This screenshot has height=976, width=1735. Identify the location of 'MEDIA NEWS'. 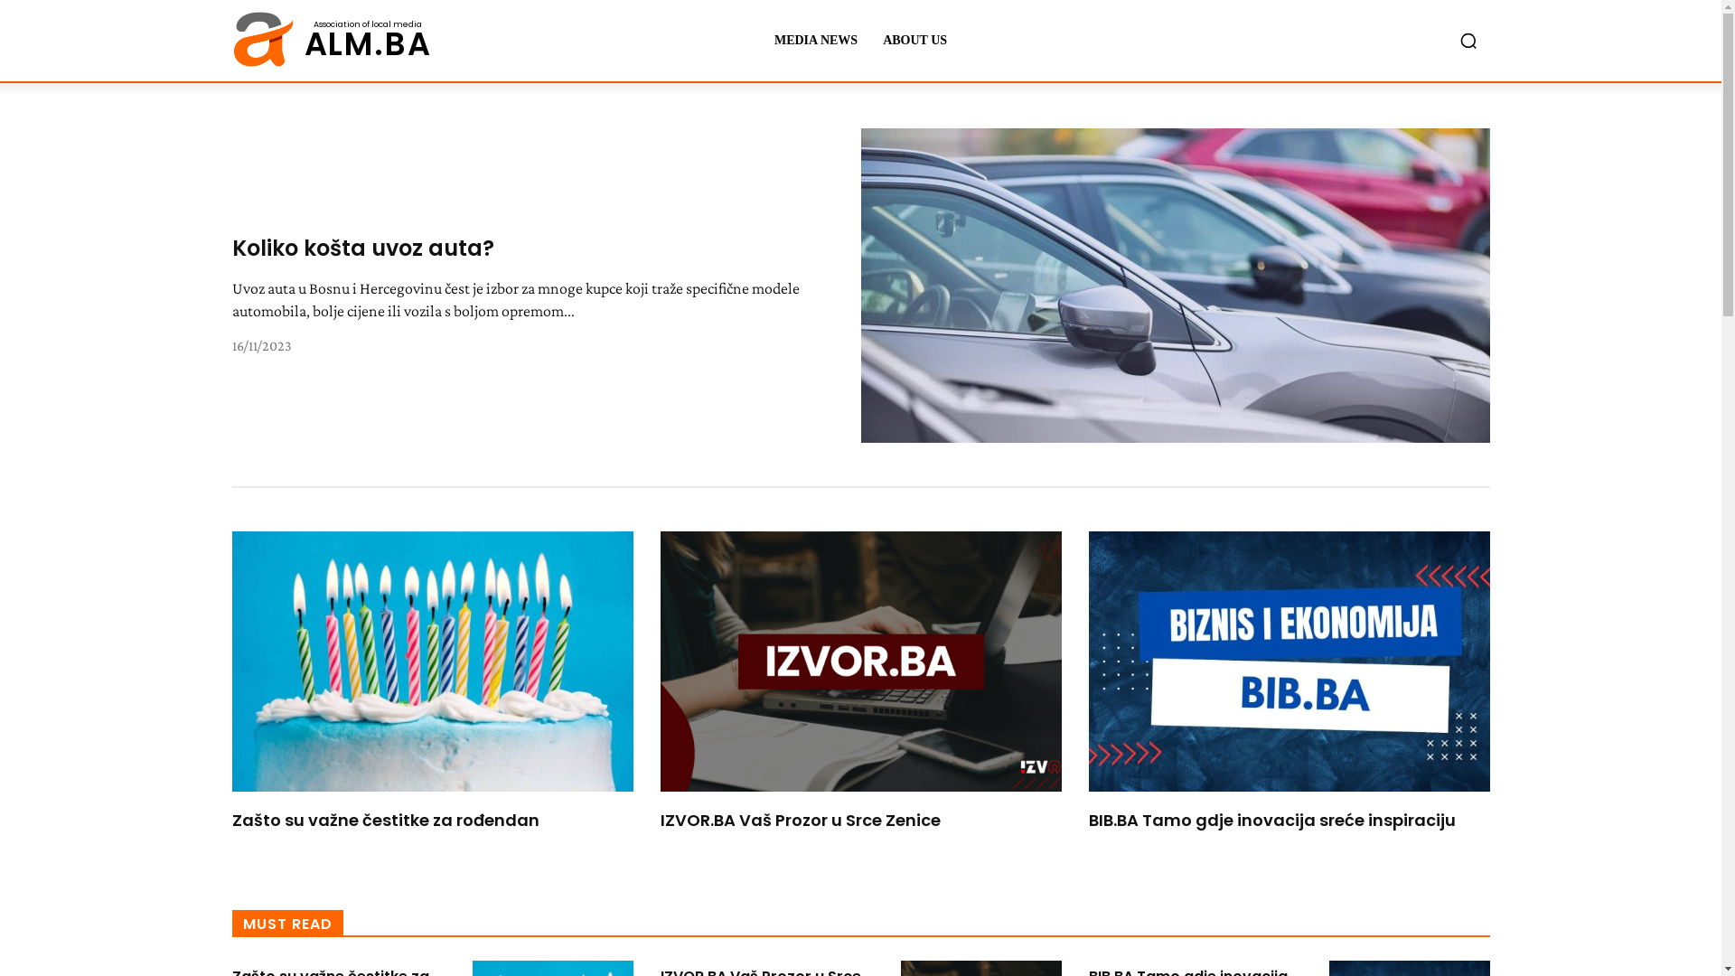
(814, 41).